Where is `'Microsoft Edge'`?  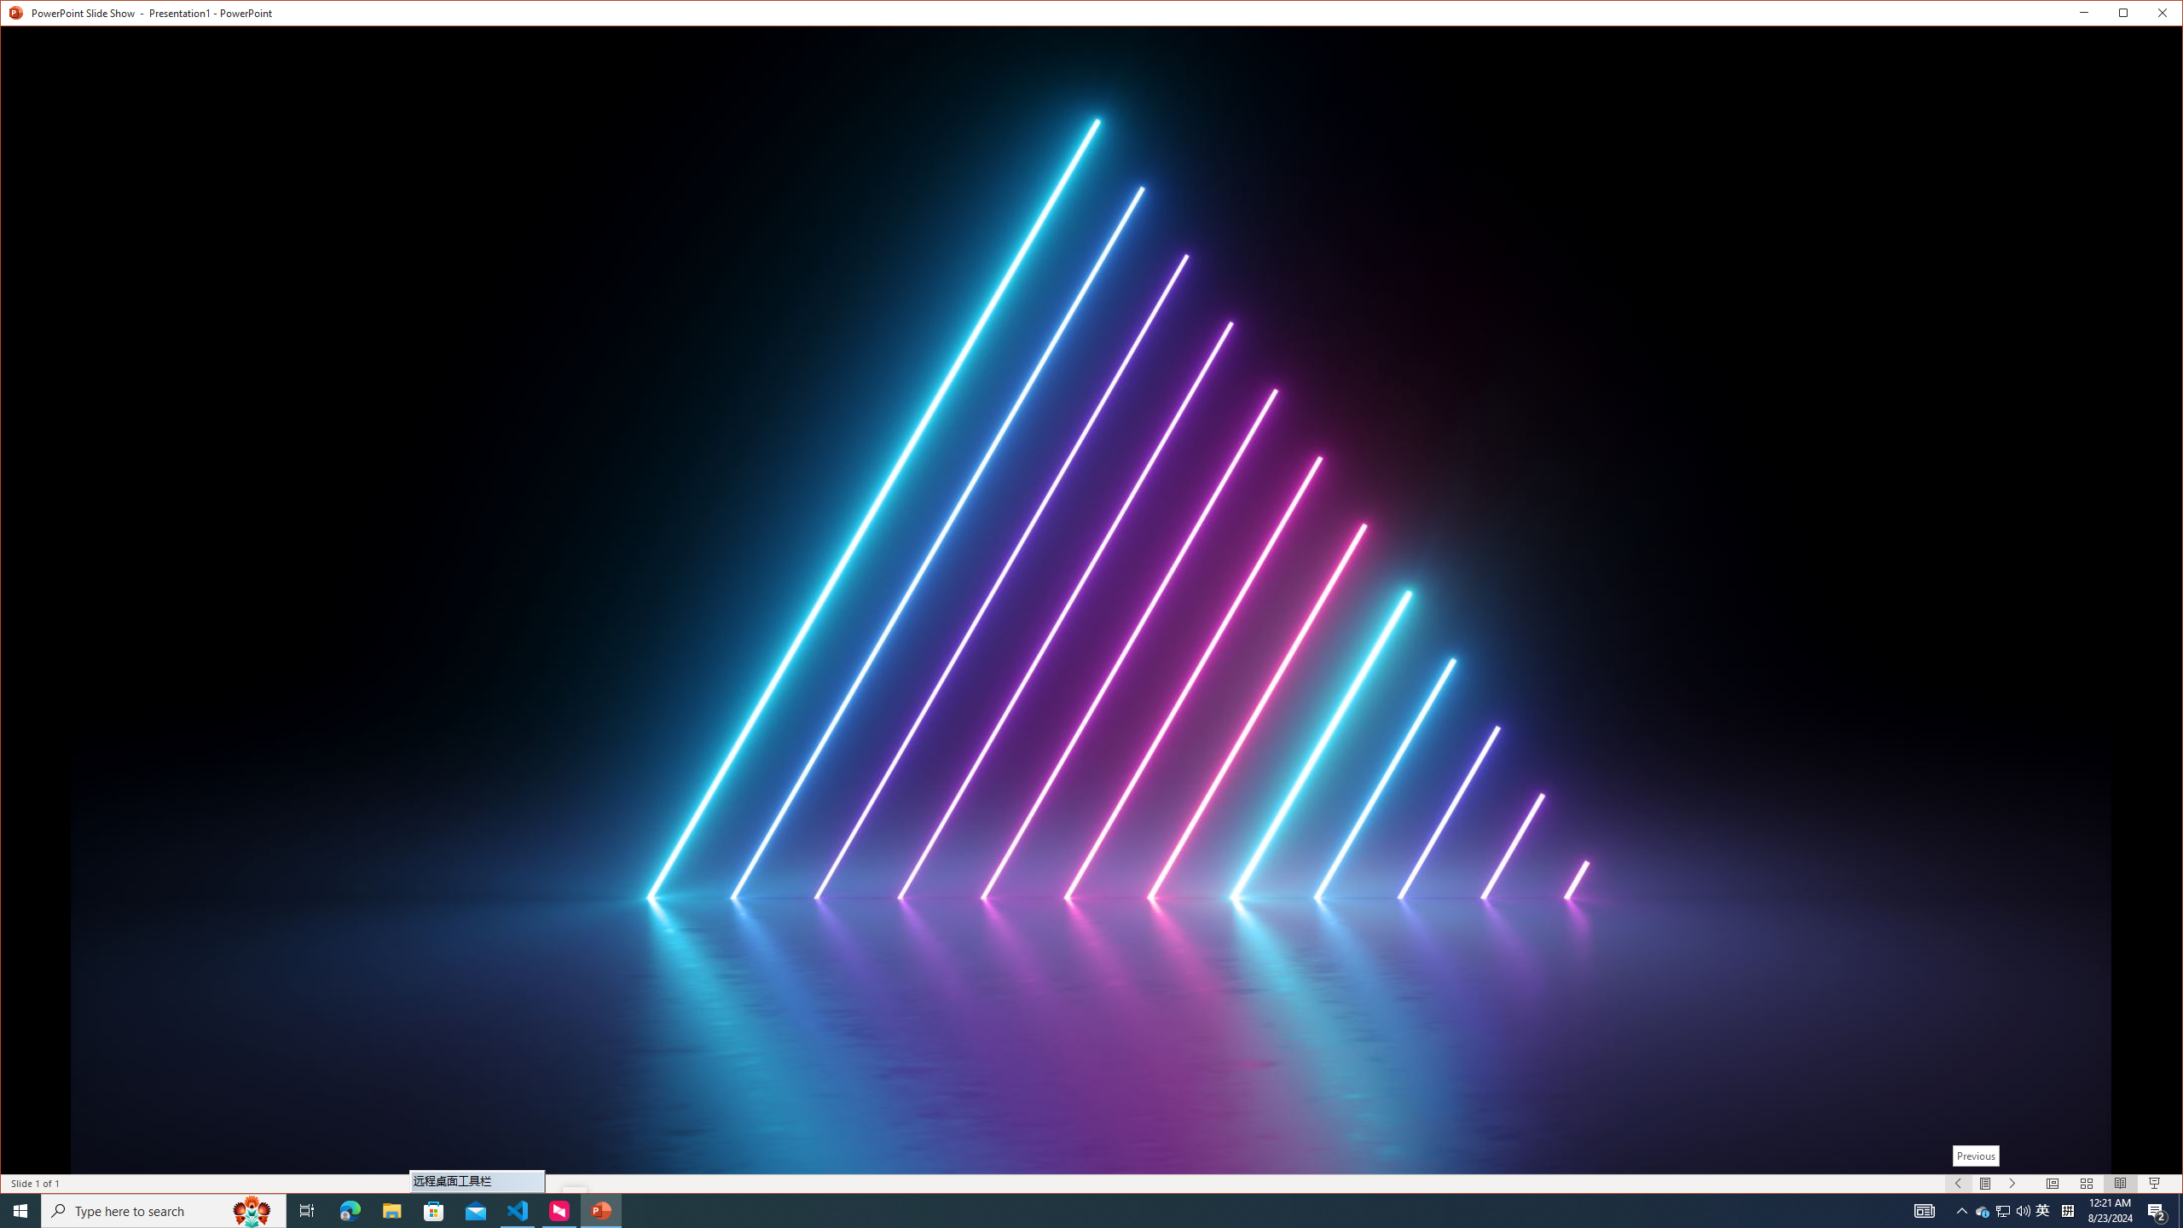
'Microsoft Edge' is located at coordinates (349, 1209).